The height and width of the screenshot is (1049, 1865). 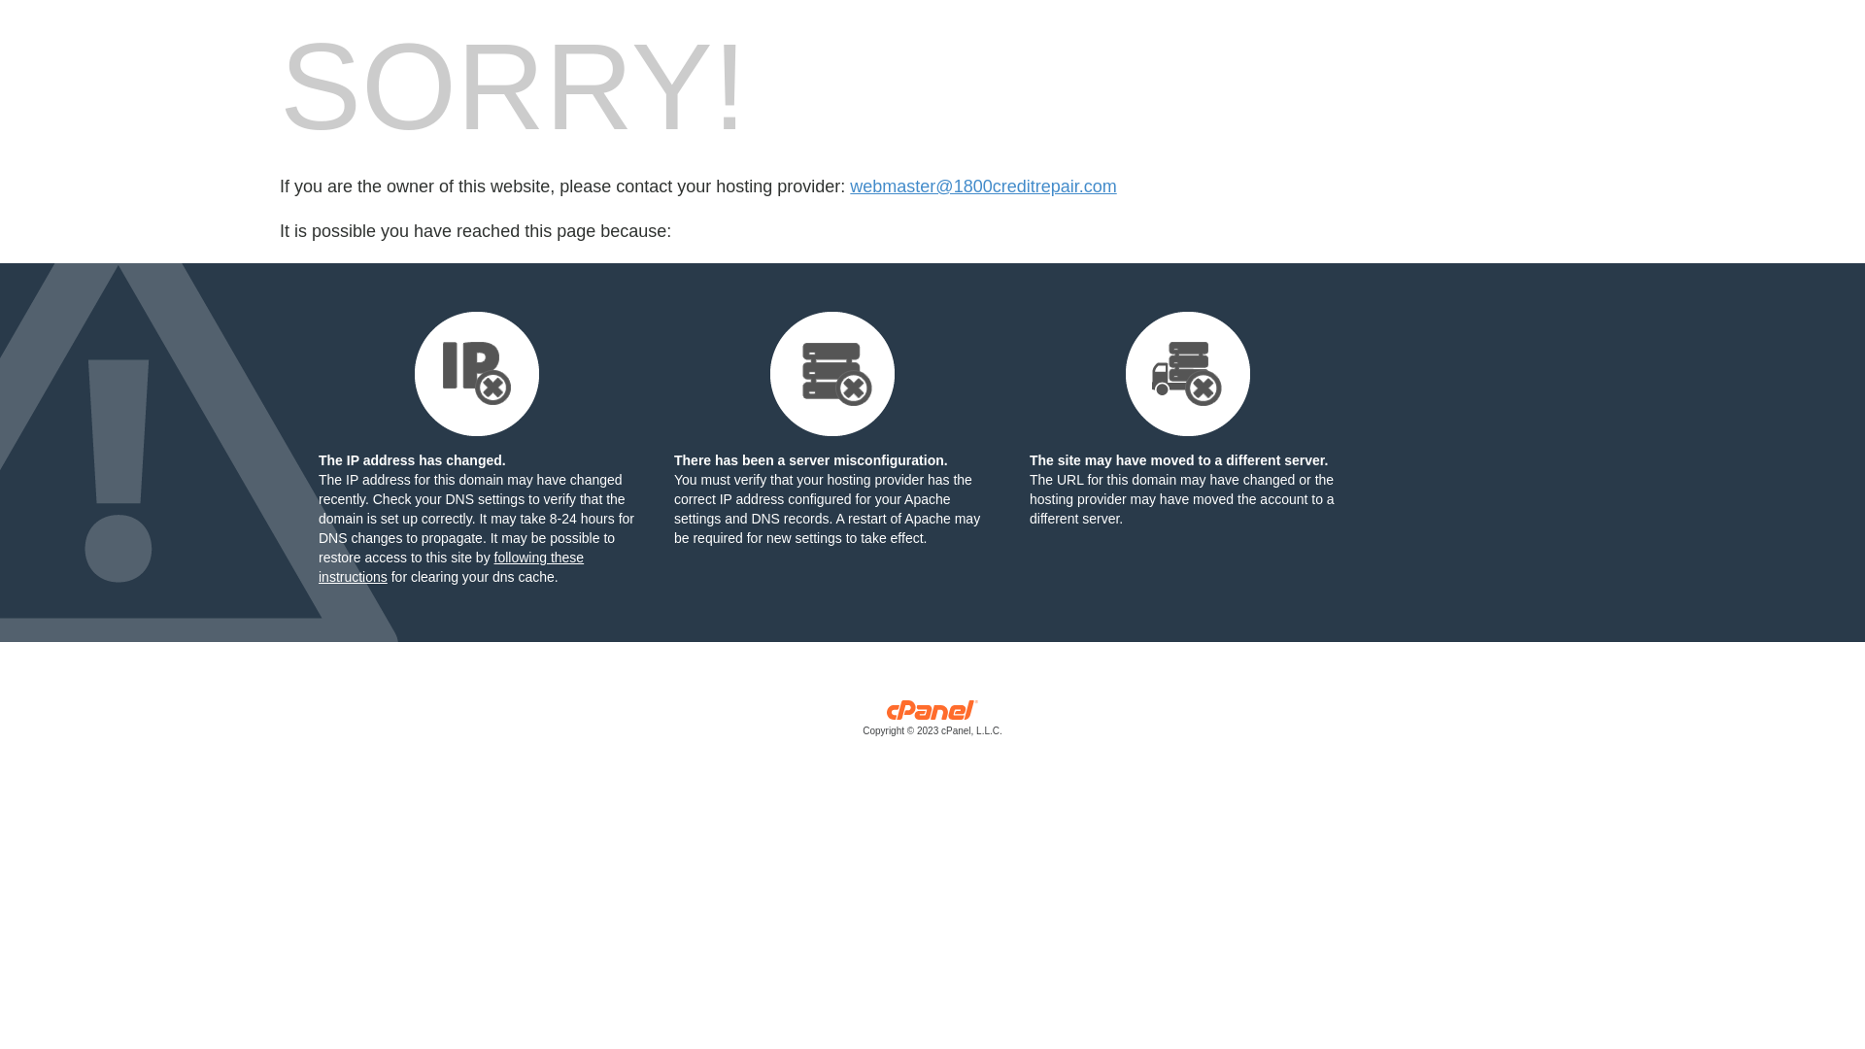 What do you see at coordinates (983, 186) in the screenshot?
I see `'webmaster@1800creditrepair.com'` at bounding box center [983, 186].